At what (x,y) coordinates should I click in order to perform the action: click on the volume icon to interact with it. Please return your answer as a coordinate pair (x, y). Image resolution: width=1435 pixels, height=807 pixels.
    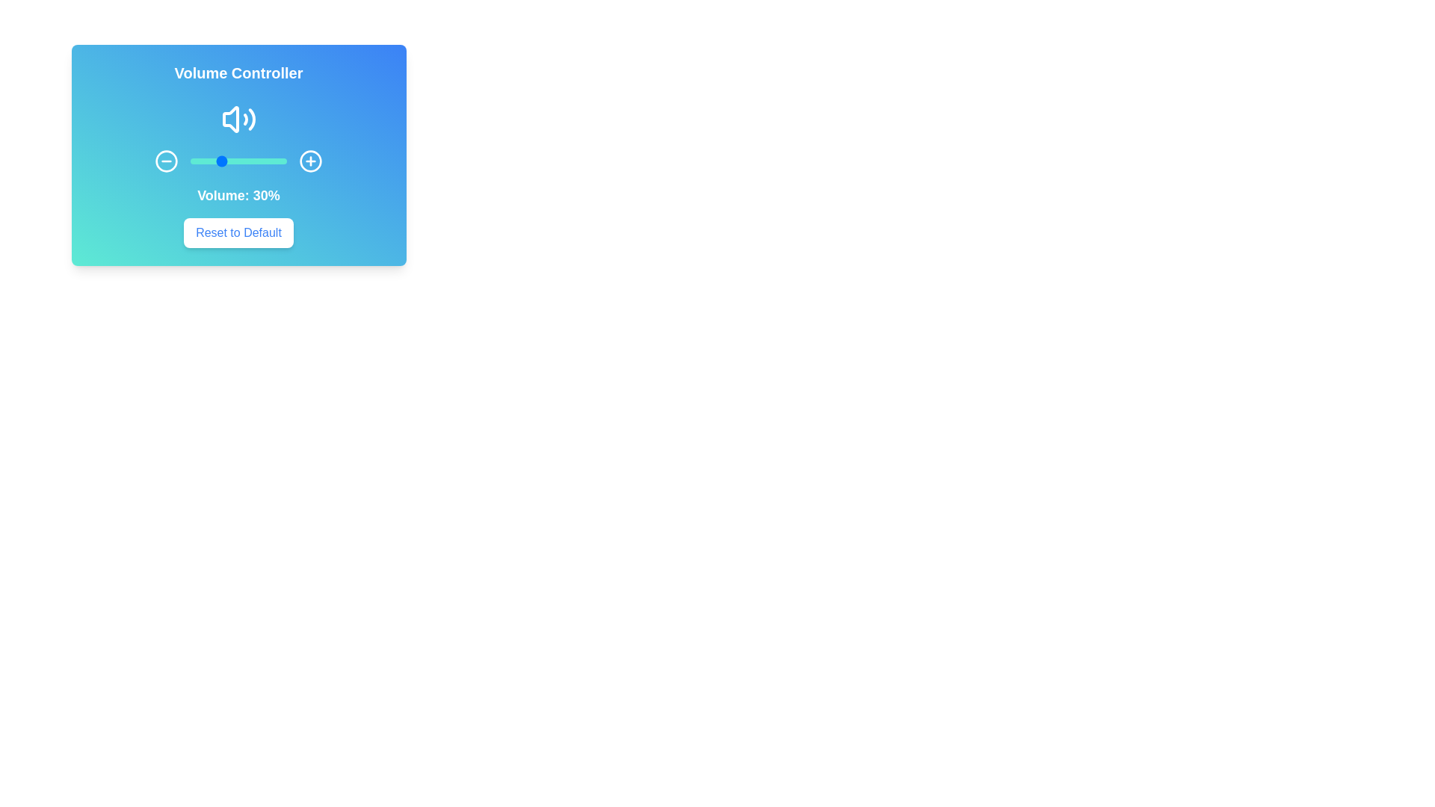
    Looking at the image, I should click on (238, 118).